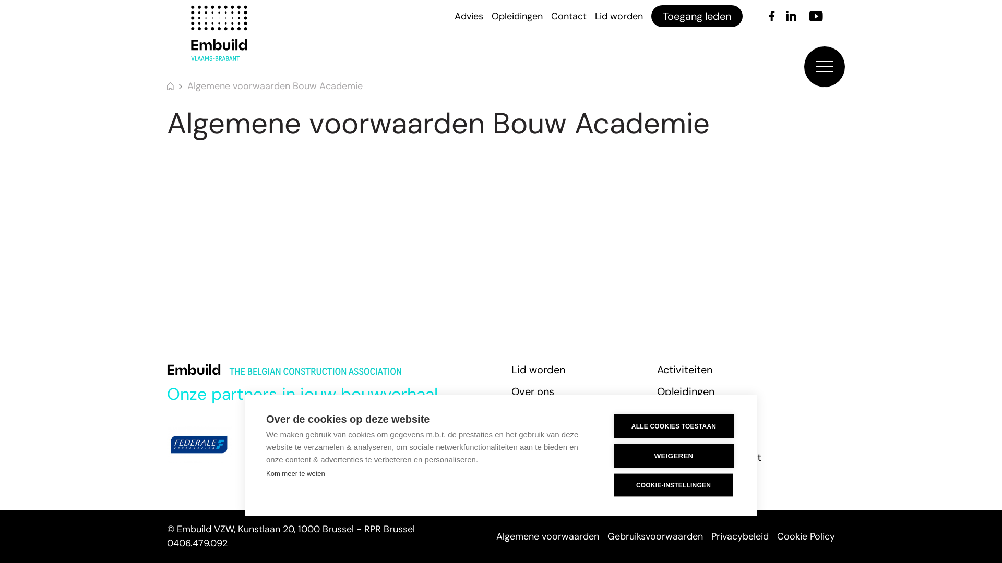  What do you see at coordinates (551, 16) in the screenshot?
I see `'Contact'` at bounding box center [551, 16].